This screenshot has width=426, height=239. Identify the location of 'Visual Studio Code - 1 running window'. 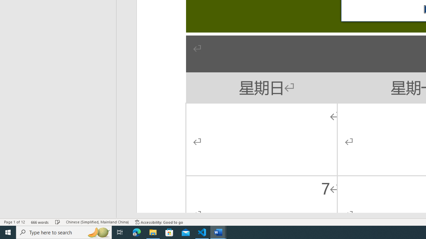
(202, 232).